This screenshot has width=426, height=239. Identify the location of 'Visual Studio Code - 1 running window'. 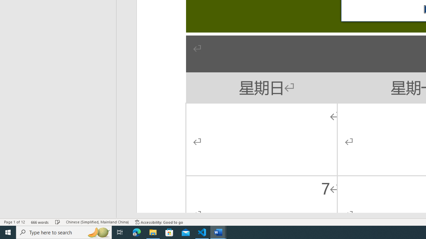
(202, 232).